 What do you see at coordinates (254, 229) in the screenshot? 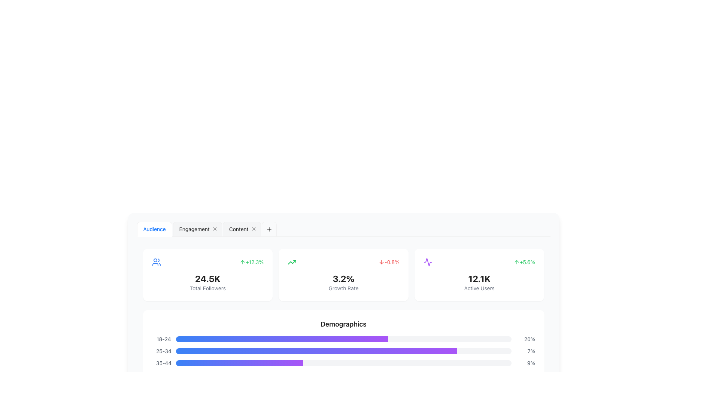
I see `the close icon button located immediately to the right of the 'Content' text in the tabbed interface` at bounding box center [254, 229].